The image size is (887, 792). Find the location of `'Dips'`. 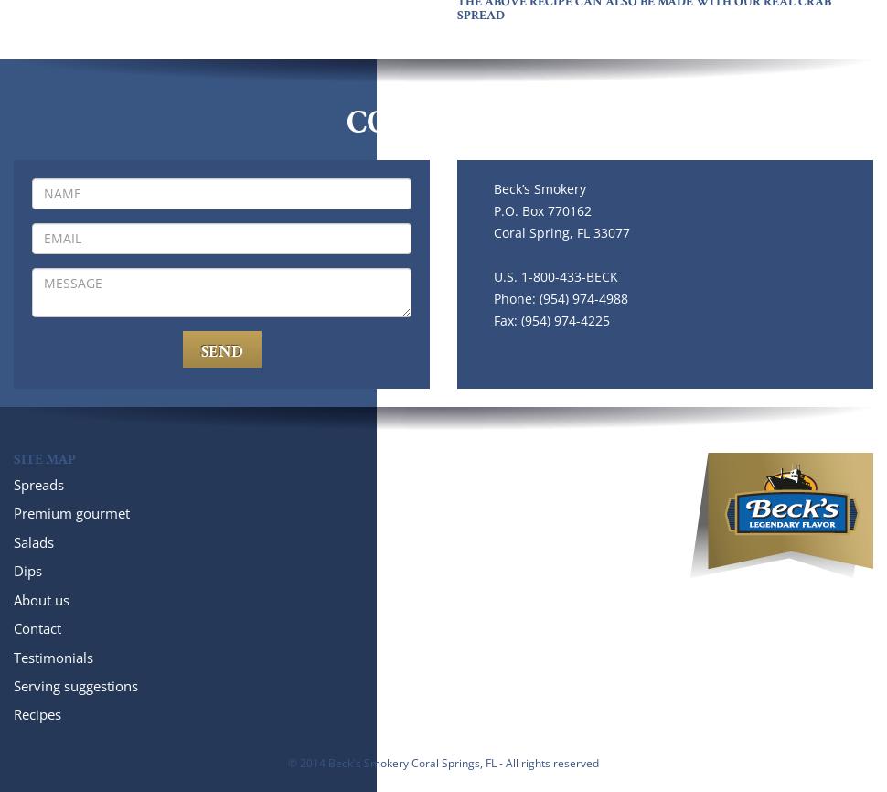

'Dips' is located at coordinates (27, 571).